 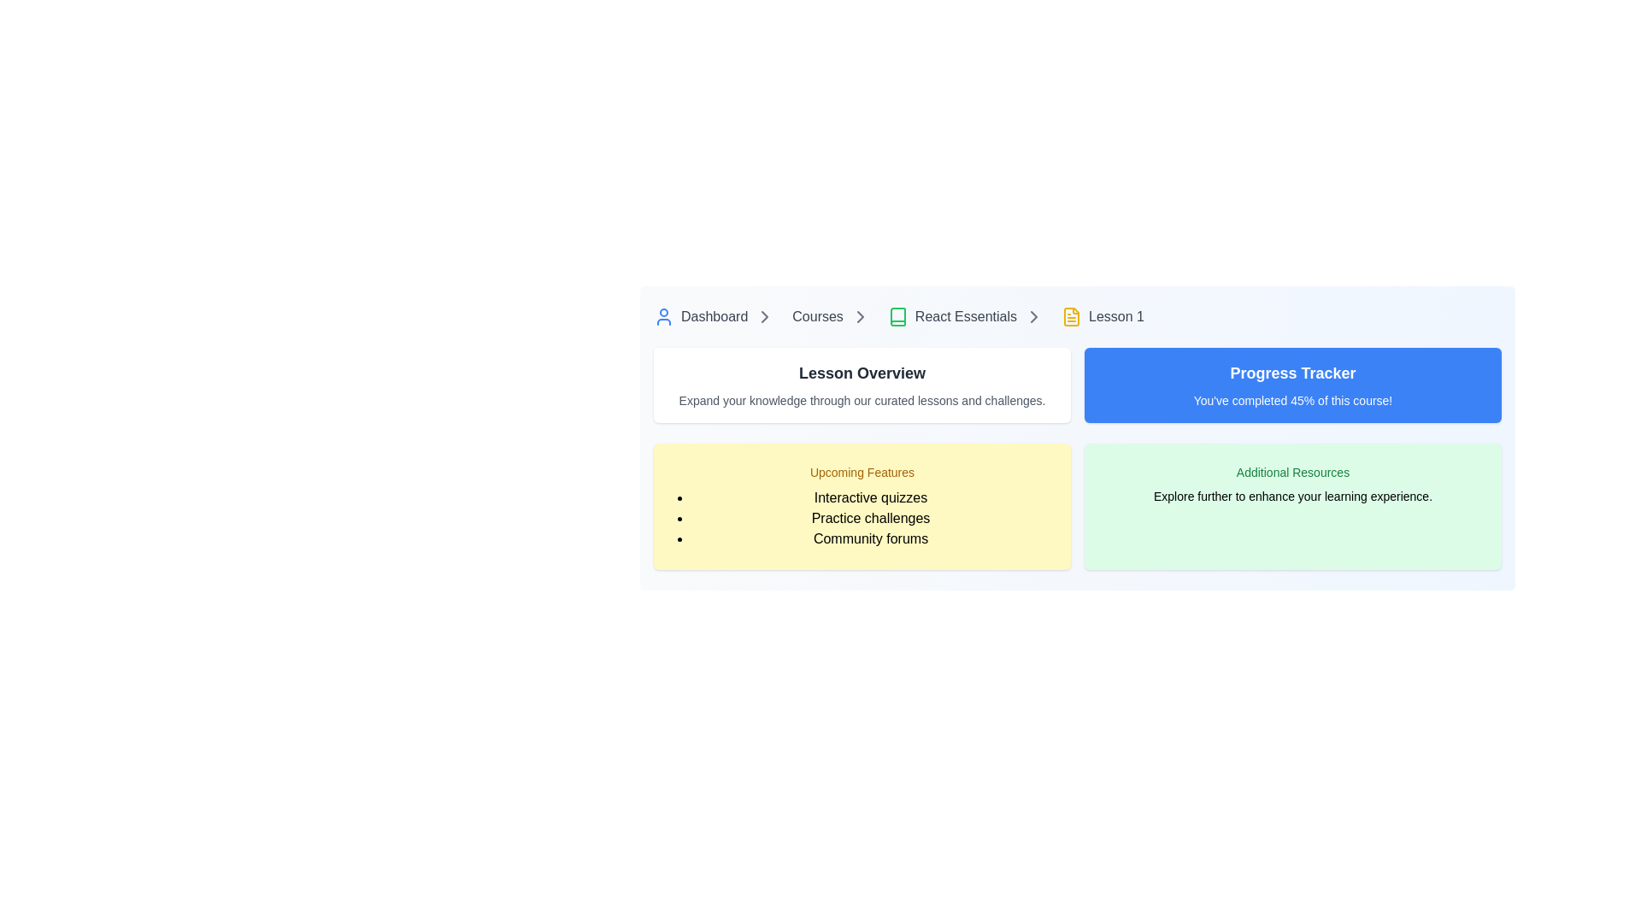 I want to click on the Informational Card located in the right column beneath the 'Lesson Overview' section to potentially reveal additional details, so click(x=1292, y=506).